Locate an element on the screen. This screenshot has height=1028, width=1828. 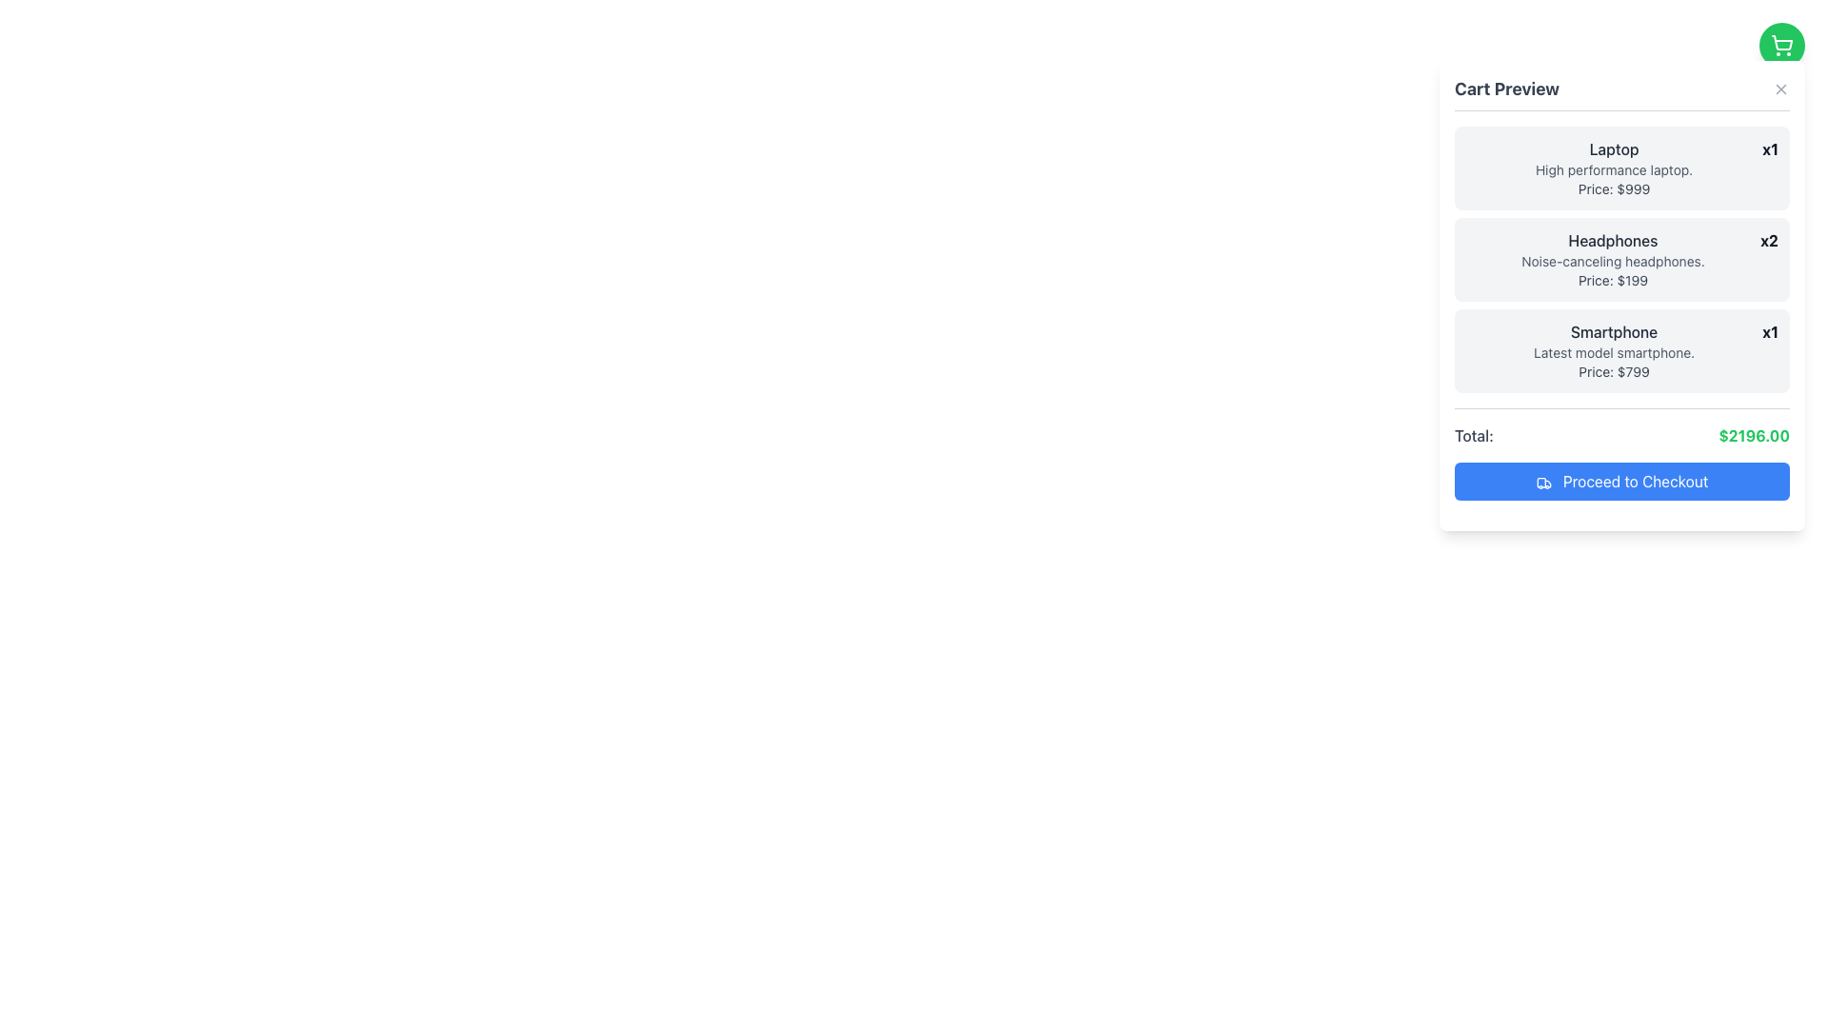
text element that serves as the title for the product 'Smartphone' in the shopping cart interface, located at the top of the product details section within the 'Cart Preview' sidebar is located at coordinates (1613, 330).